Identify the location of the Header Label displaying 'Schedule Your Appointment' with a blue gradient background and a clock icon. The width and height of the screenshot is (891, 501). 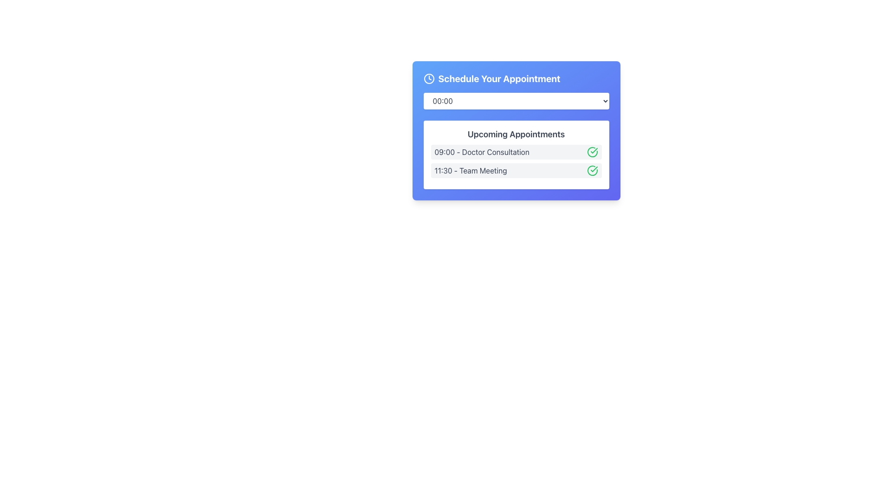
(516, 78).